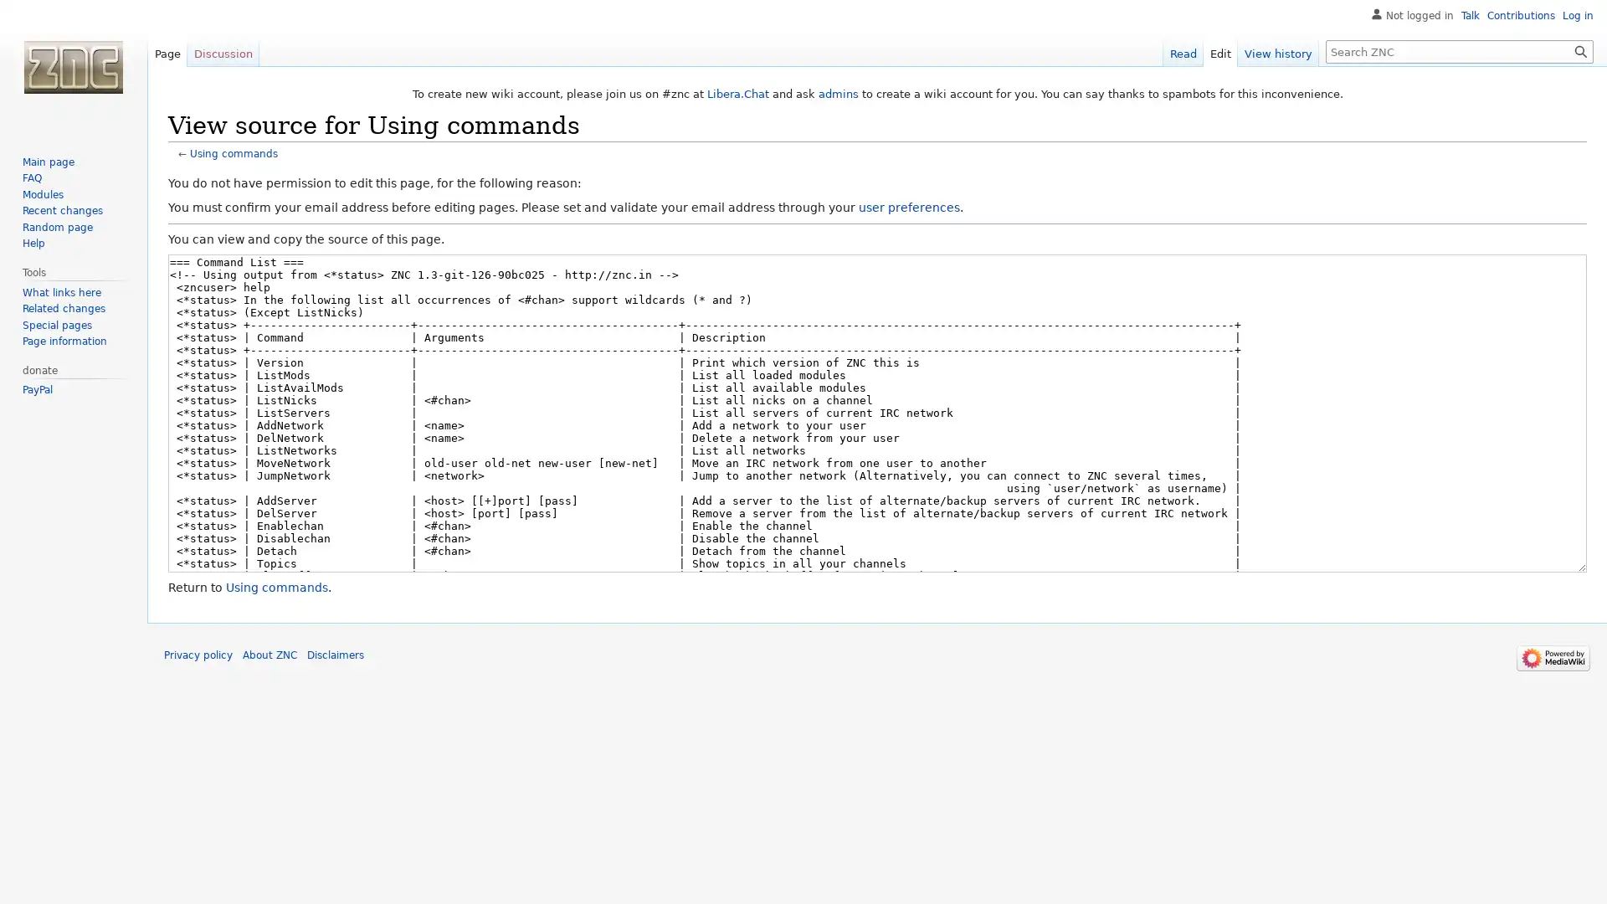 The height and width of the screenshot is (904, 1607). Describe the element at coordinates (1580, 50) in the screenshot. I see `Search` at that location.